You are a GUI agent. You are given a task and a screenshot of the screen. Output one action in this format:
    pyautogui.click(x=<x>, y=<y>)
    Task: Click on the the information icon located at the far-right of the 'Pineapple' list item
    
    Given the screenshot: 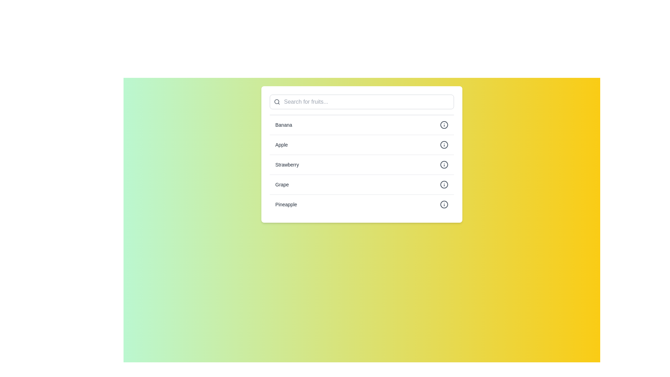 What is the action you would take?
    pyautogui.click(x=444, y=204)
    